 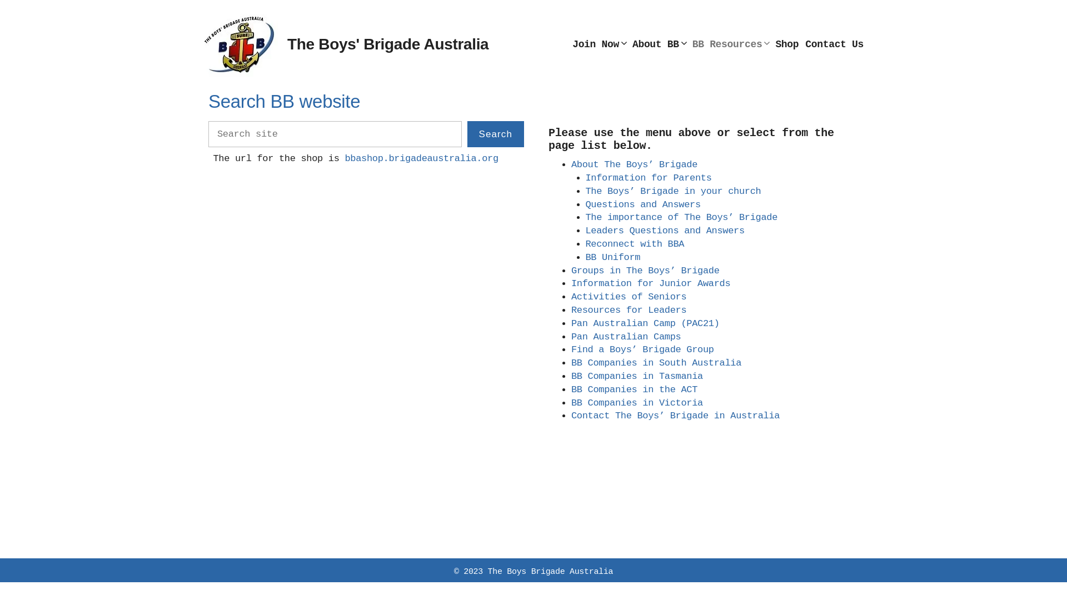 What do you see at coordinates (634, 389) in the screenshot?
I see `'BB Companies in the ACT'` at bounding box center [634, 389].